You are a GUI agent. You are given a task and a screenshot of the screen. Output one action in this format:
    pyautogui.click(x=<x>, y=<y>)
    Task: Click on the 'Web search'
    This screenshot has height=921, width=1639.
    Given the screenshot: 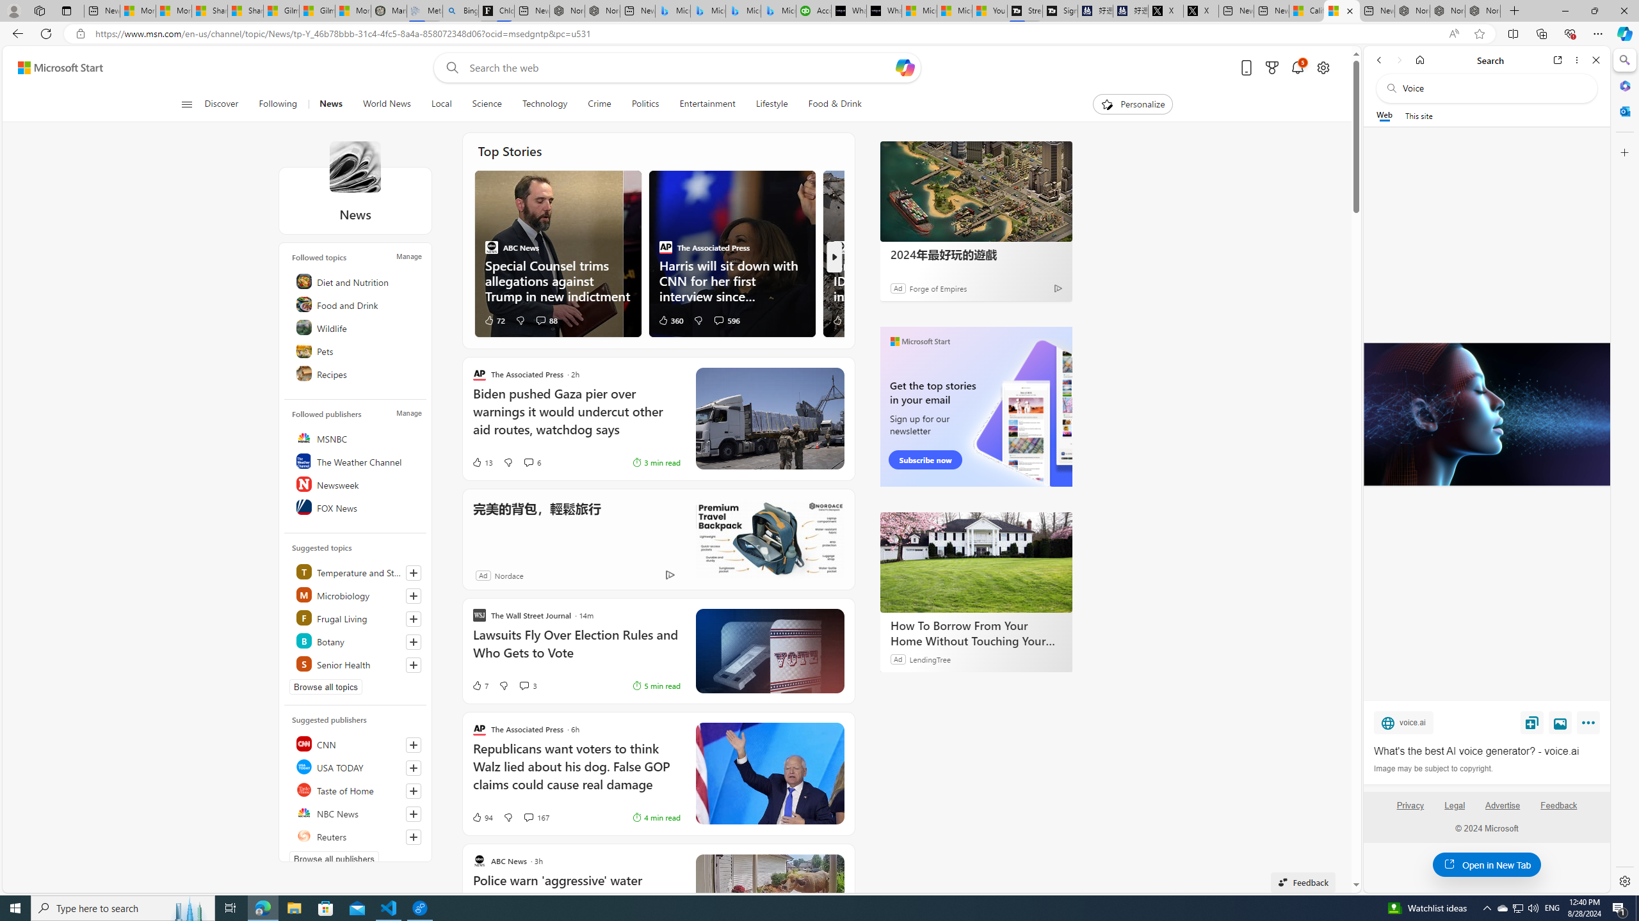 What is the action you would take?
    pyautogui.click(x=449, y=68)
    